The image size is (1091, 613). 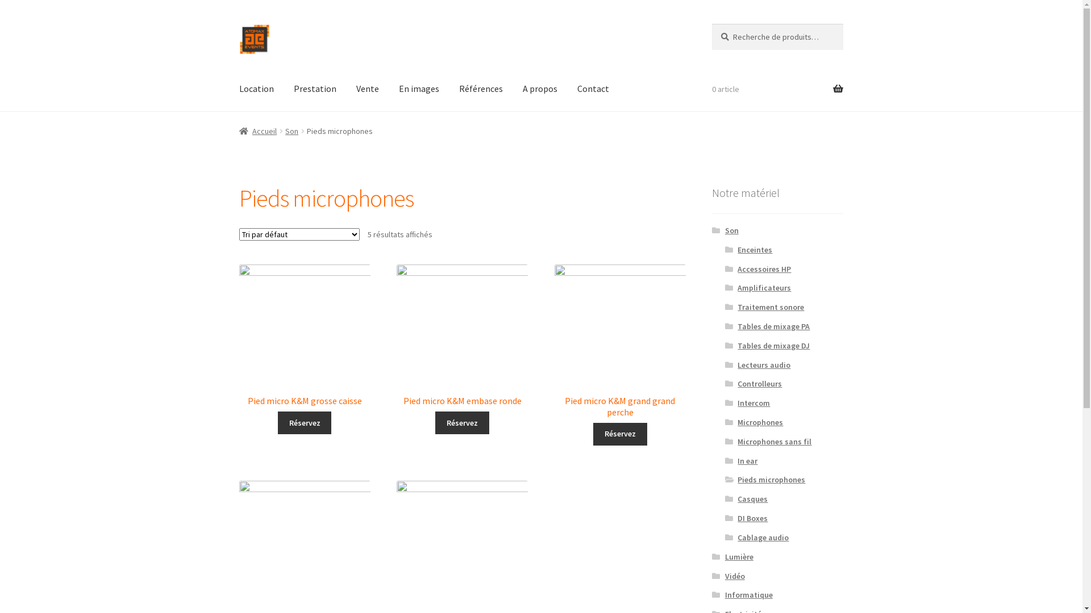 What do you see at coordinates (568, 89) in the screenshot?
I see `'Contact'` at bounding box center [568, 89].